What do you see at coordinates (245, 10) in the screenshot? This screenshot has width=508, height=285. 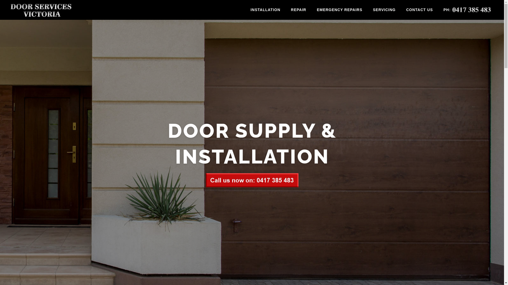 I see `'INSTALLATION'` at bounding box center [245, 10].